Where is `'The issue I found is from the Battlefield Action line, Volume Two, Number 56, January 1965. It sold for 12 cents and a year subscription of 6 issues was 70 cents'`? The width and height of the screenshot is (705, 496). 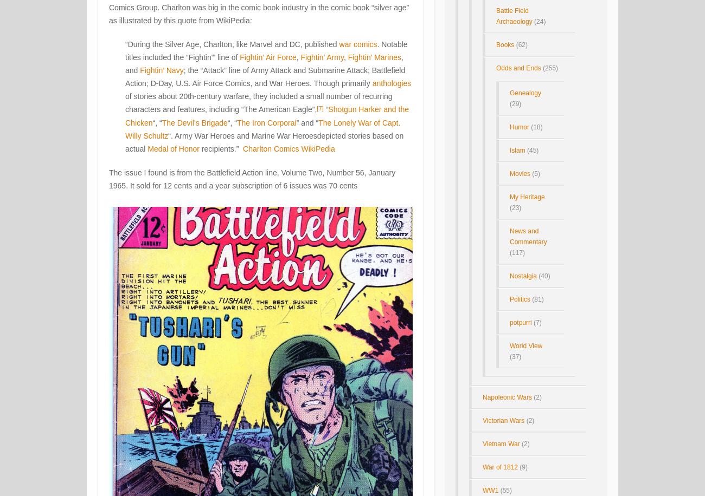
'The issue I found is from the Battlefield Action line, Volume Two, Number 56, January 1965. It sold for 12 cents and a year subscription of 6 issues was 70 cents' is located at coordinates (252, 179).